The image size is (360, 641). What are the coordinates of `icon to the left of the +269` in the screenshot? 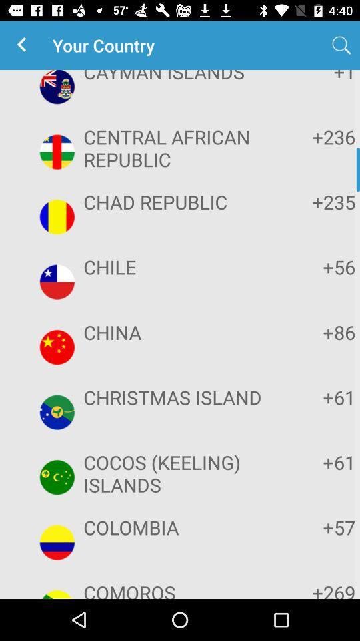 It's located at (178, 588).